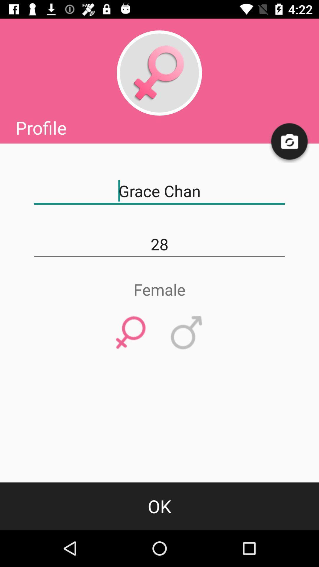 This screenshot has height=567, width=319. What do you see at coordinates (131, 333) in the screenshot?
I see `identify gender option` at bounding box center [131, 333].